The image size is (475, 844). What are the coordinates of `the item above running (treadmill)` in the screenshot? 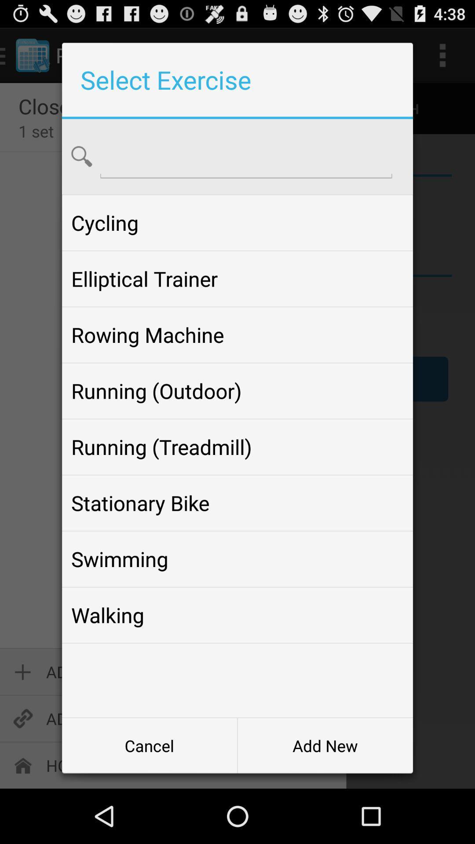 It's located at (237, 390).